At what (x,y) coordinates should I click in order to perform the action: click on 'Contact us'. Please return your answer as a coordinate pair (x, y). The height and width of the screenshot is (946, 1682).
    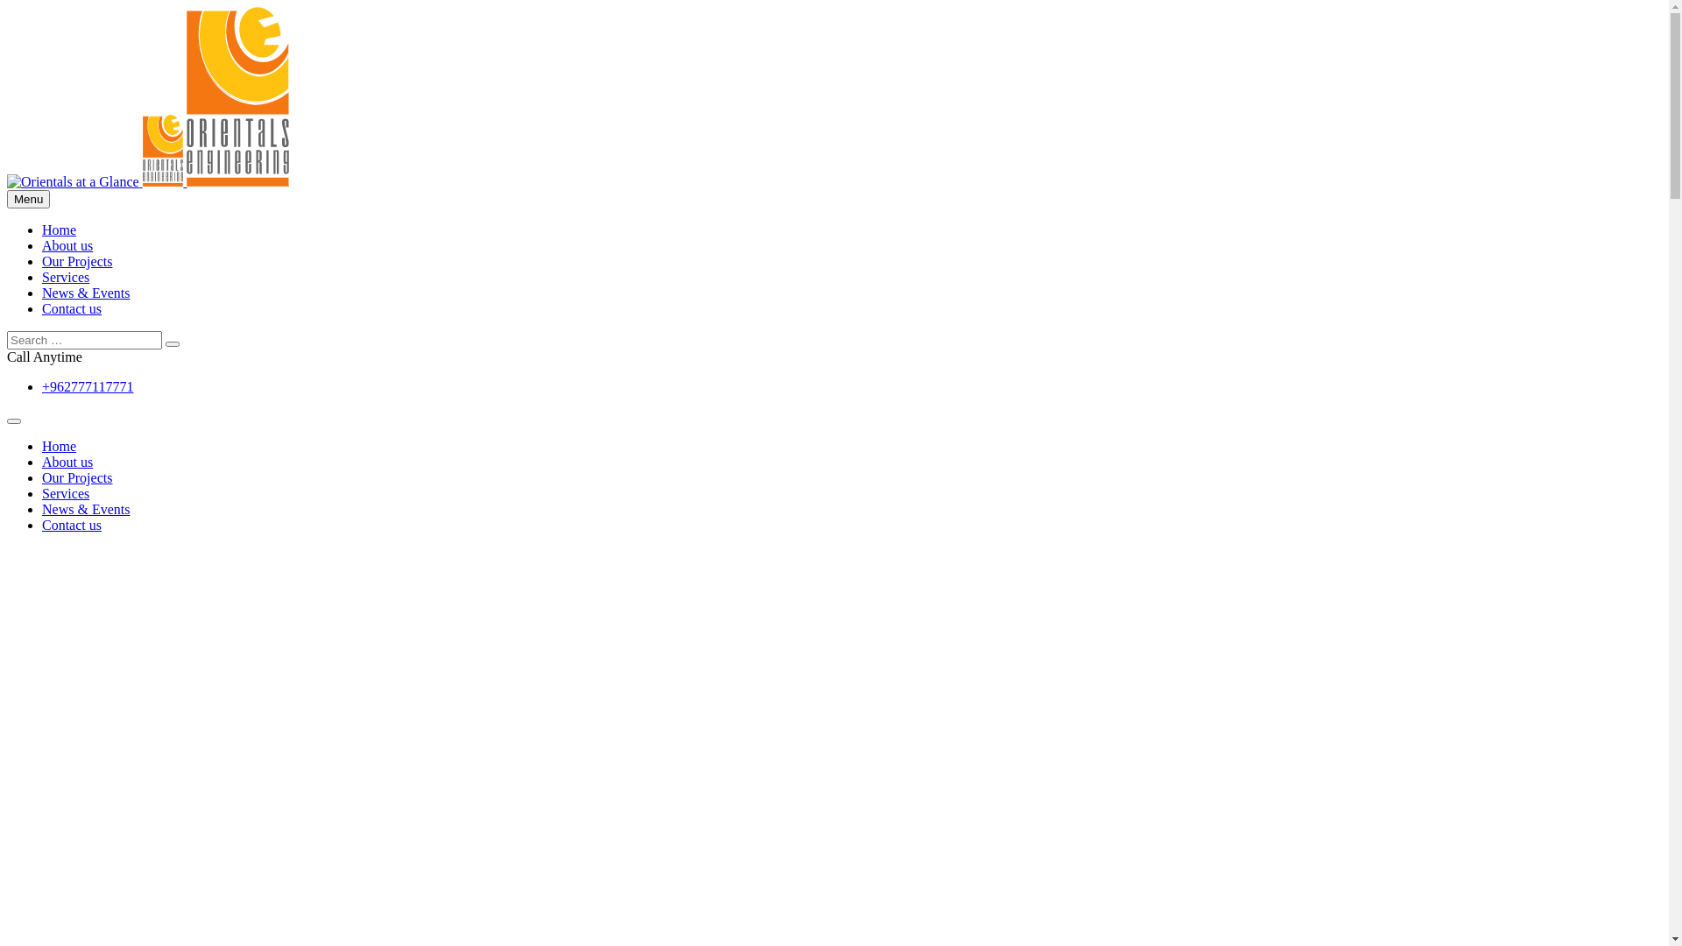
    Looking at the image, I should click on (70, 307).